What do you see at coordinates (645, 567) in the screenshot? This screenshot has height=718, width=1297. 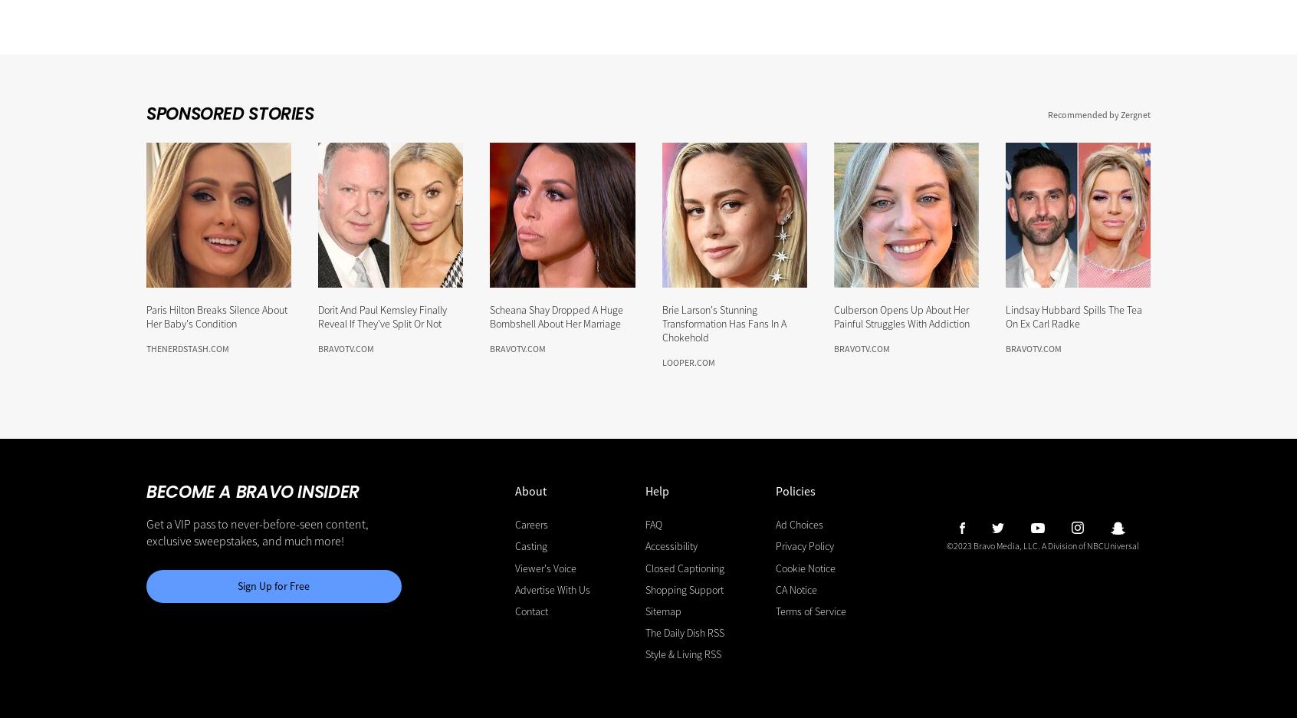 I see `'Closed Captioning'` at bounding box center [645, 567].